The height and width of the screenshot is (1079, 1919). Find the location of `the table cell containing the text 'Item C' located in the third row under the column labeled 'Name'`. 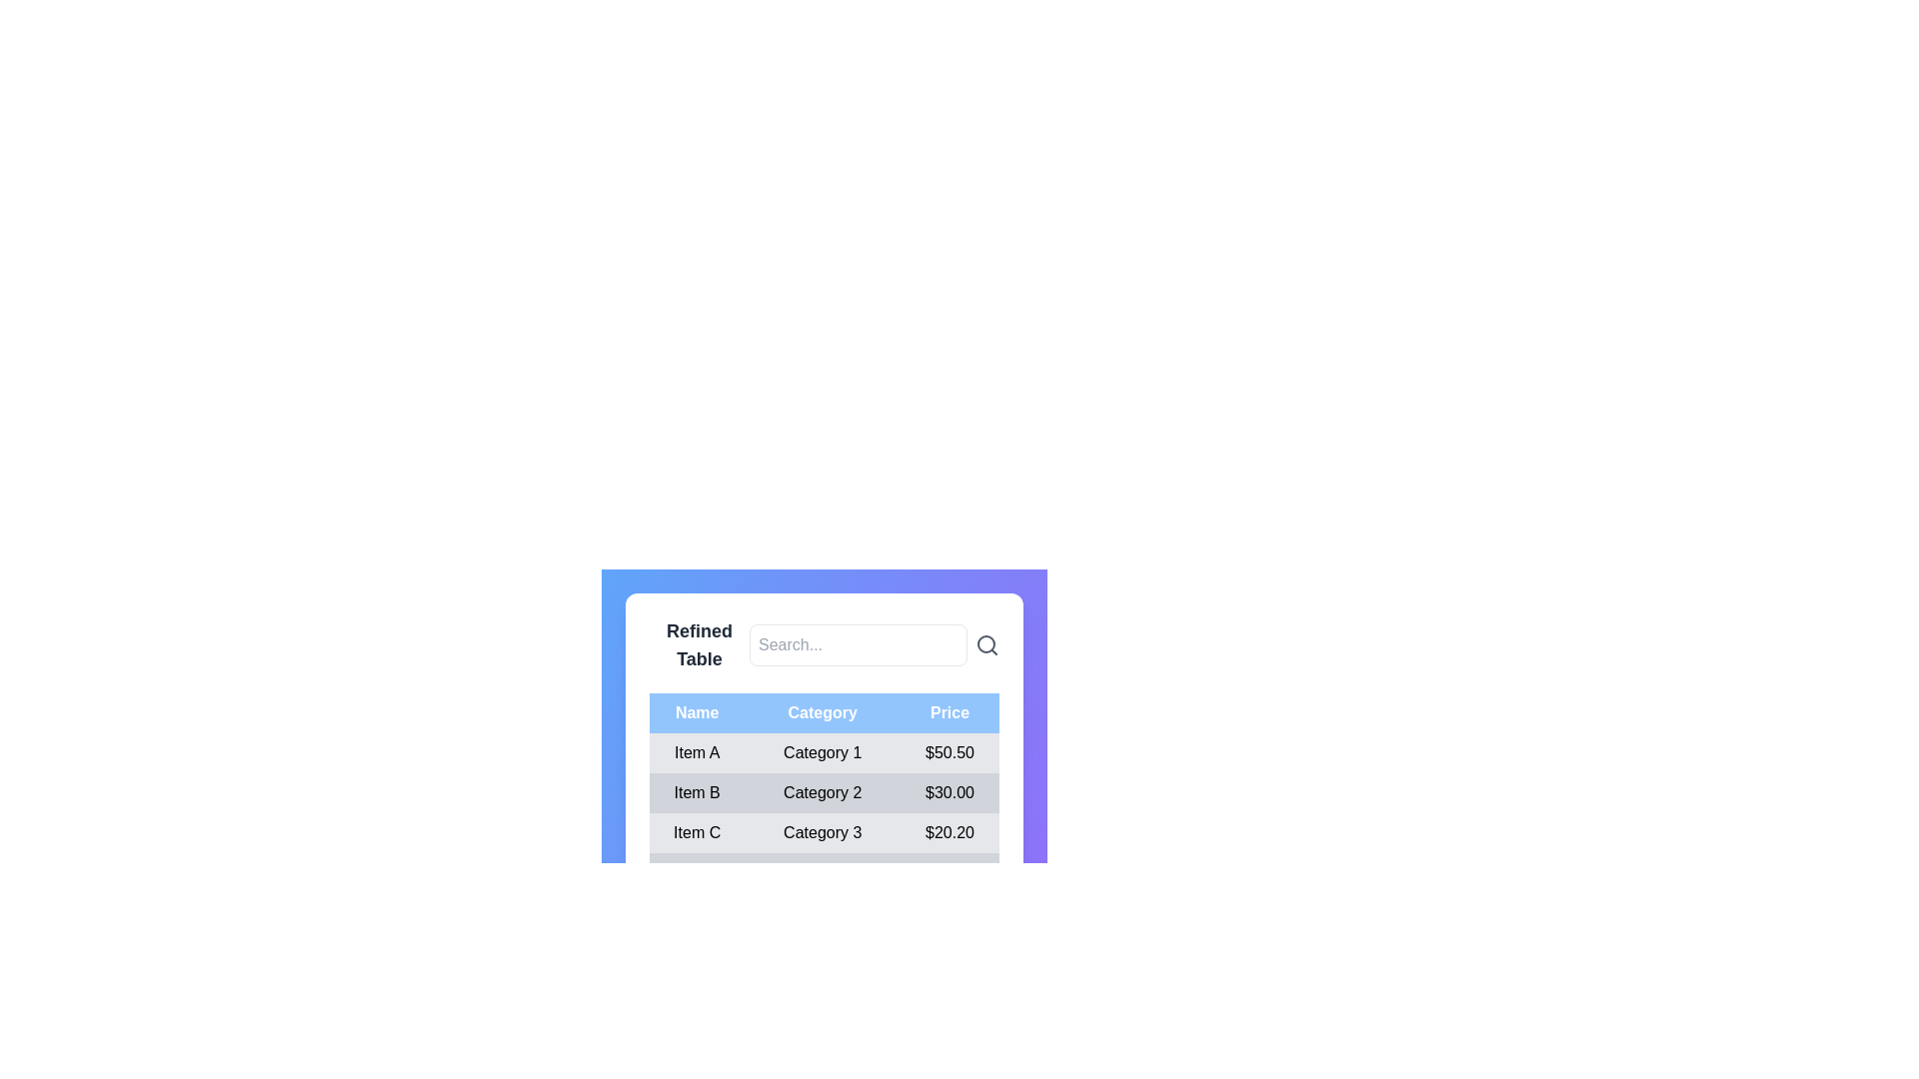

the table cell containing the text 'Item C' located in the third row under the column labeled 'Name' is located at coordinates (697, 832).